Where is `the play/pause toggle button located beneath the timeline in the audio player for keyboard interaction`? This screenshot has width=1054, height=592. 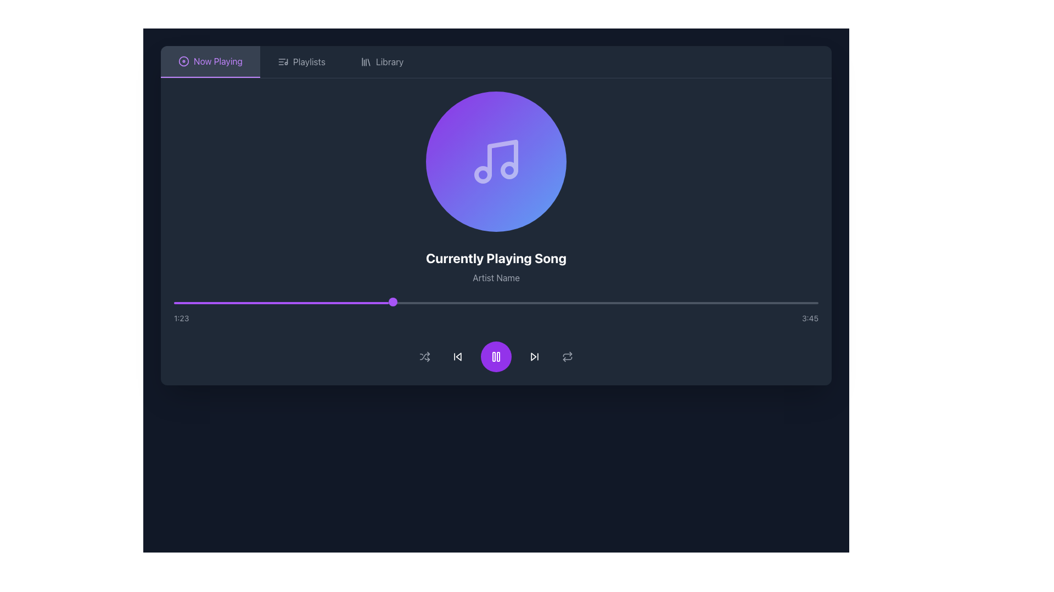
the play/pause toggle button located beneath the timeline in the audio player for keyboard interaction is located at coordinates (495, 357).